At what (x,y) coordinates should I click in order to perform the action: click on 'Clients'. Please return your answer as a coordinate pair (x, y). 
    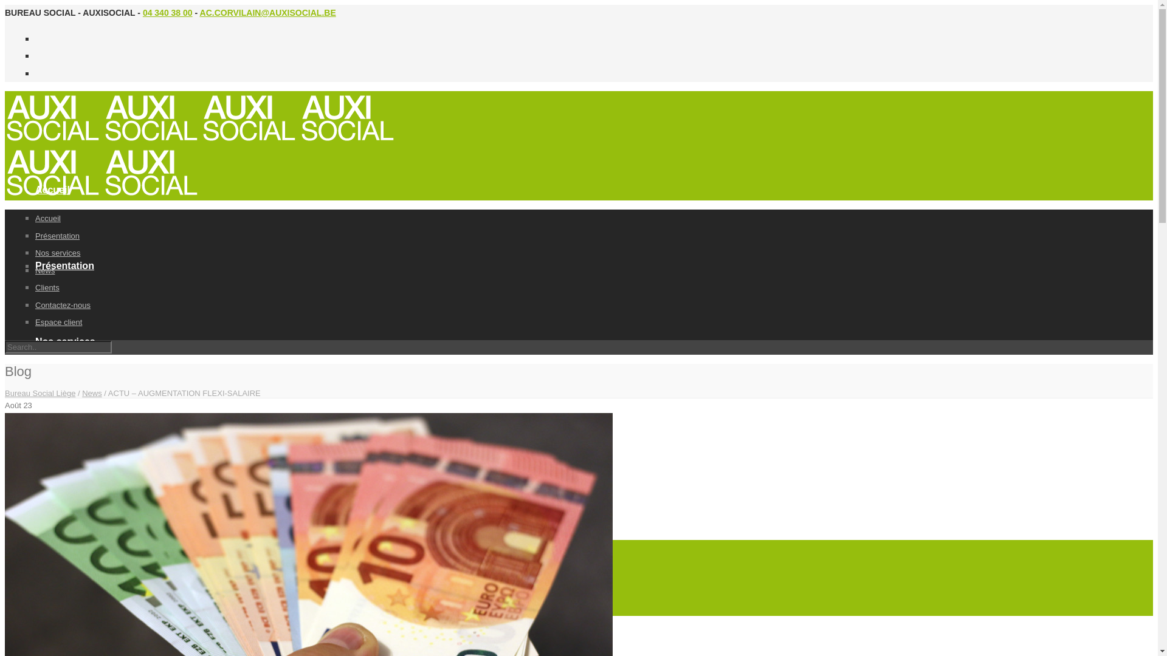
    Looking at the image, I should click on (35, 493).